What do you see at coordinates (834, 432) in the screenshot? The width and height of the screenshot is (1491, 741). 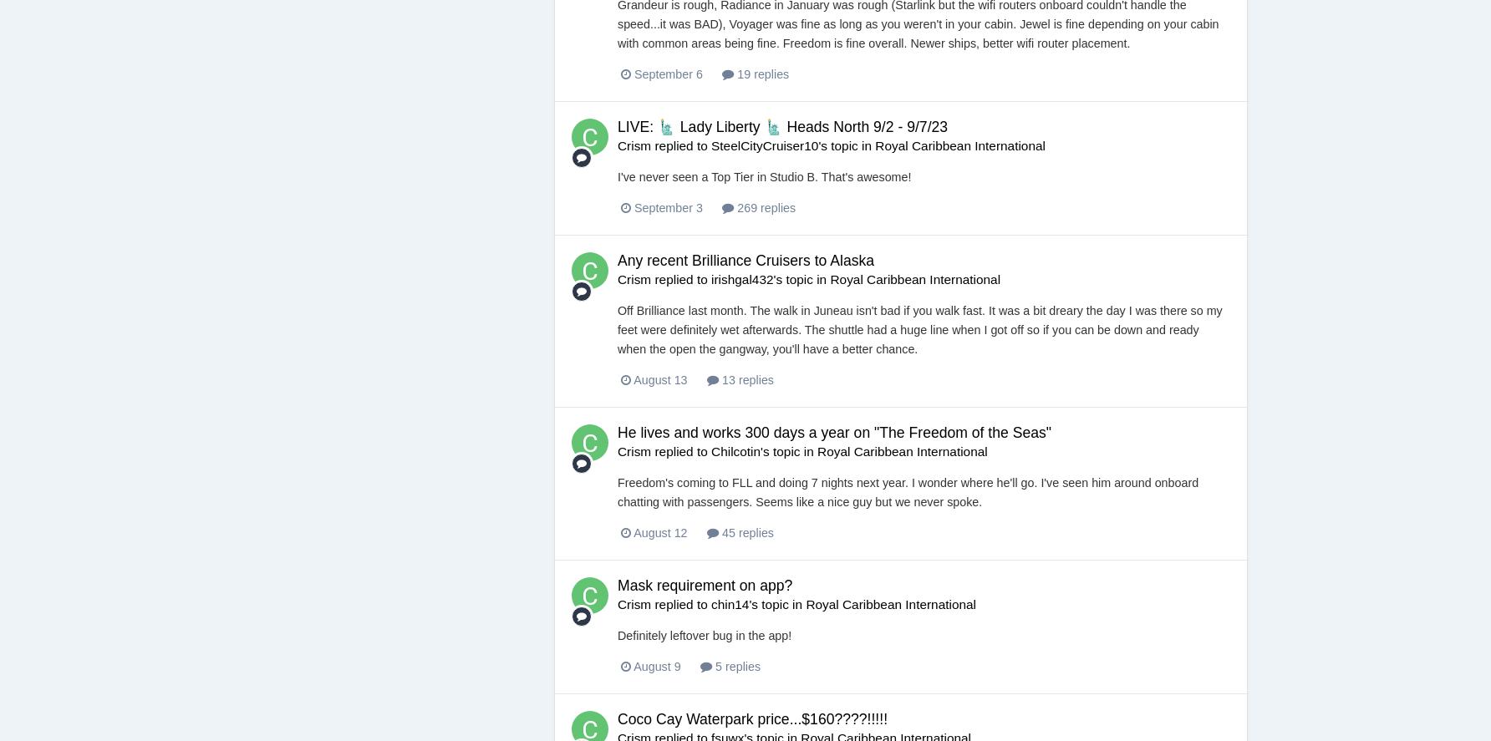 I see `'He lives and  works 300 days a year on "The Freedom of the Seas"'` at bounding box center [834, 432].